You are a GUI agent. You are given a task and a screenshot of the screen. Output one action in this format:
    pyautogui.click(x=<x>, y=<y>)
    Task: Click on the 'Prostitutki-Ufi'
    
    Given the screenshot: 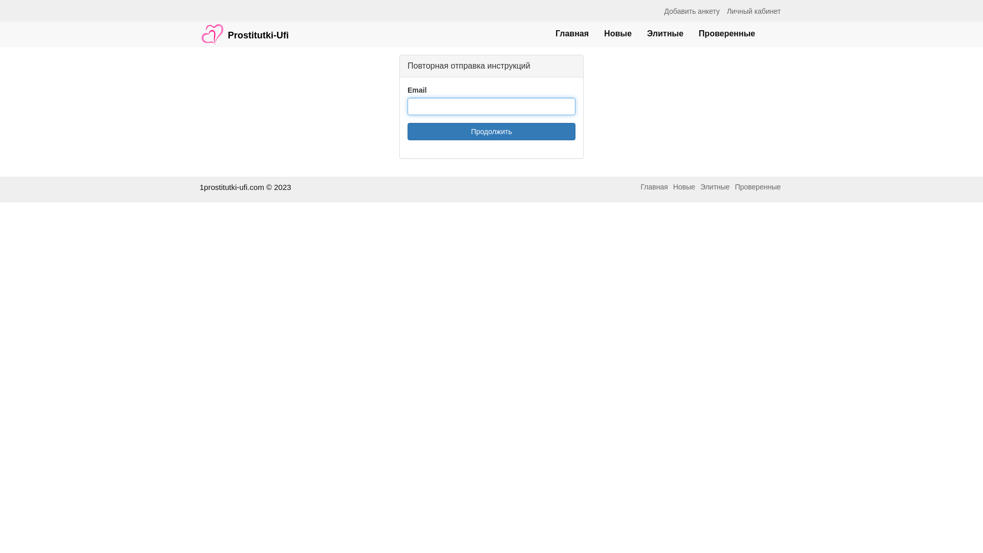 What is the action you would take?
    pyautogui.click(x=243, y=29)
    